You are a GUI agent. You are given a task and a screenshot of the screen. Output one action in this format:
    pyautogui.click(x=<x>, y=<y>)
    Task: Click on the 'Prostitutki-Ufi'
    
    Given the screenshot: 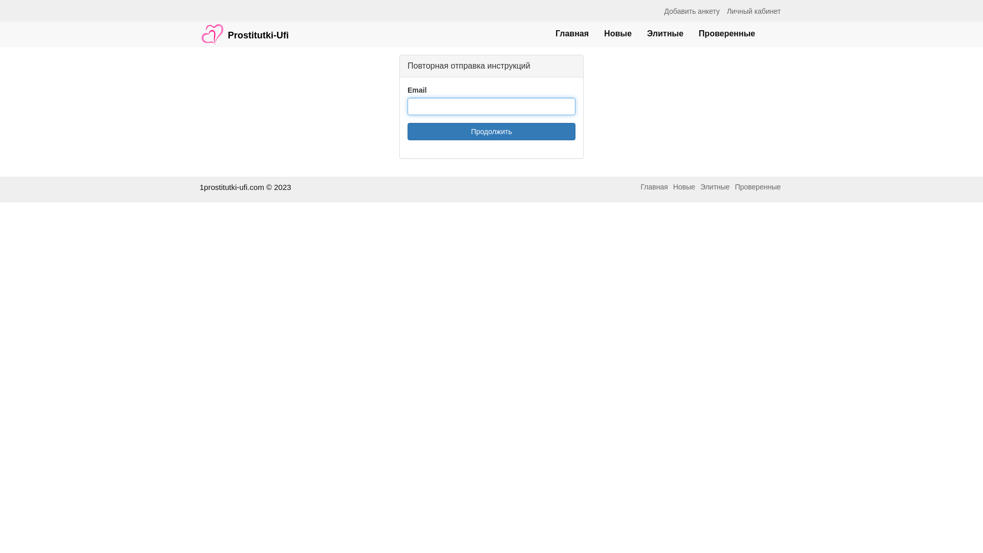 What is the action you would take?
    pyautogui.click(x=243, y=29)
    